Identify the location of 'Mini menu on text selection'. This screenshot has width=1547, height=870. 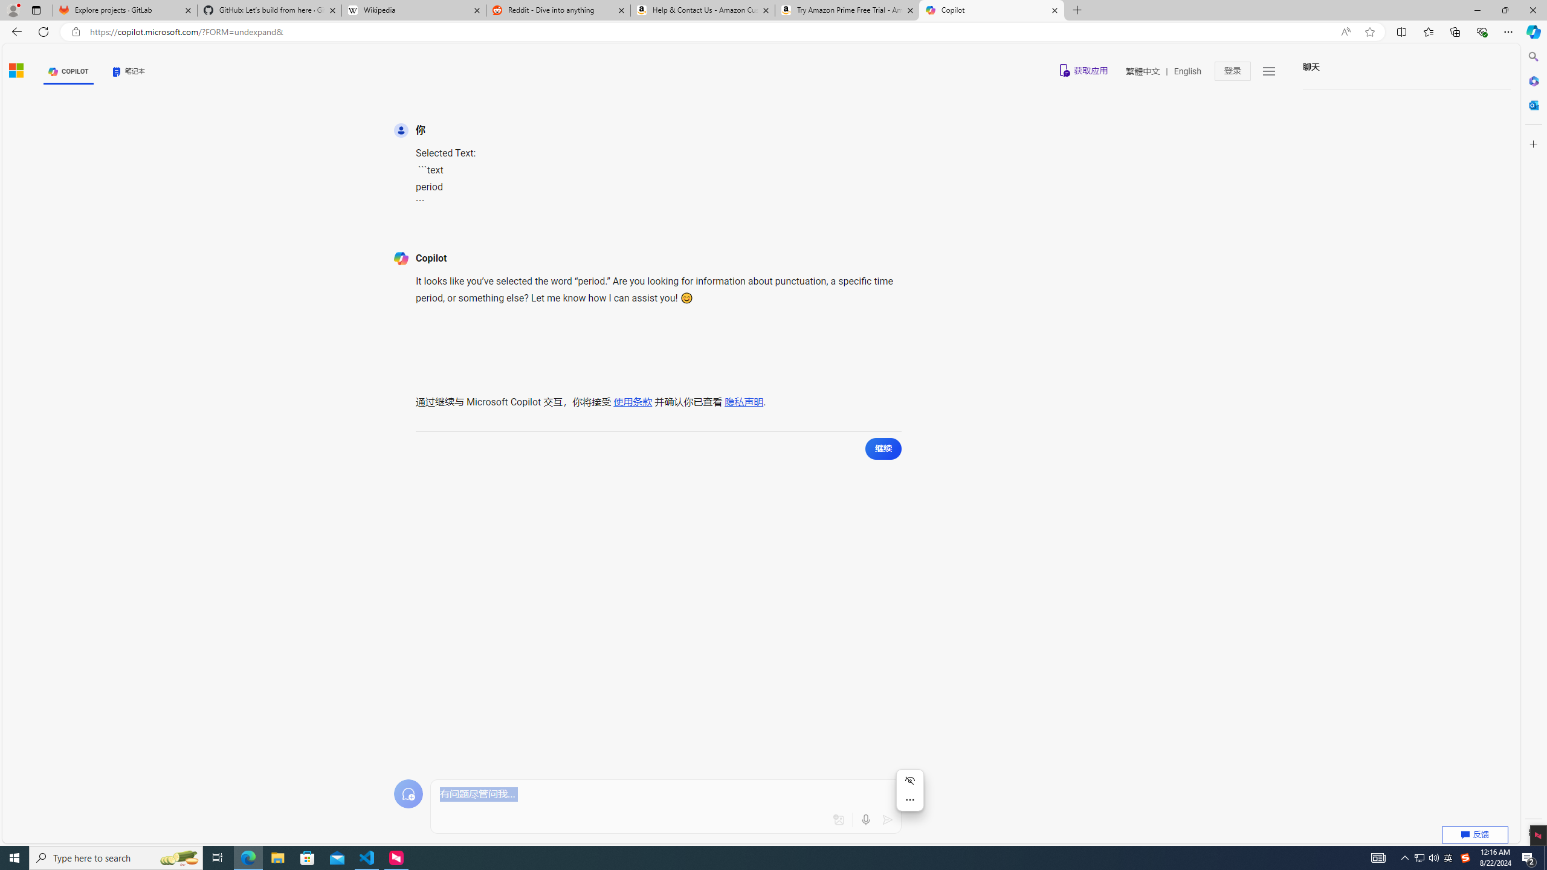
(909, 790).